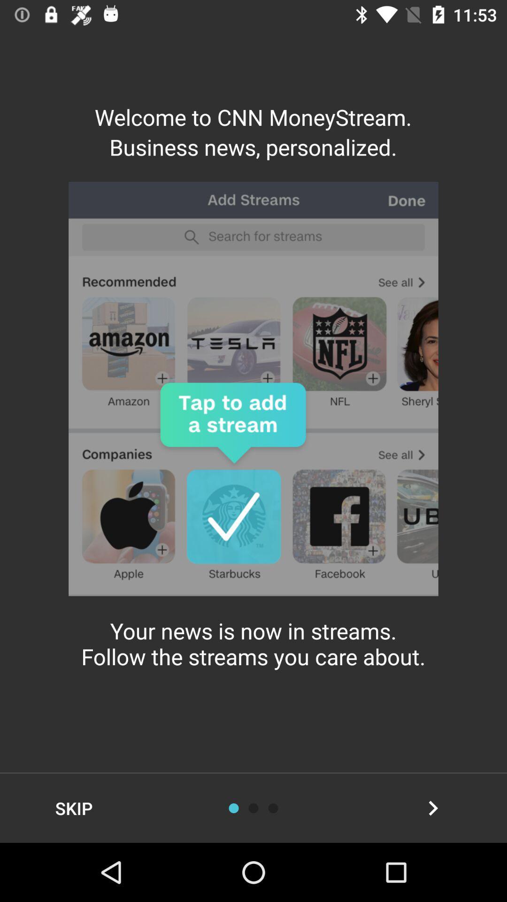 The height and width of the screenshot is (902, 507). I want to click on the item at the bottom left corner, so click(73, 808).